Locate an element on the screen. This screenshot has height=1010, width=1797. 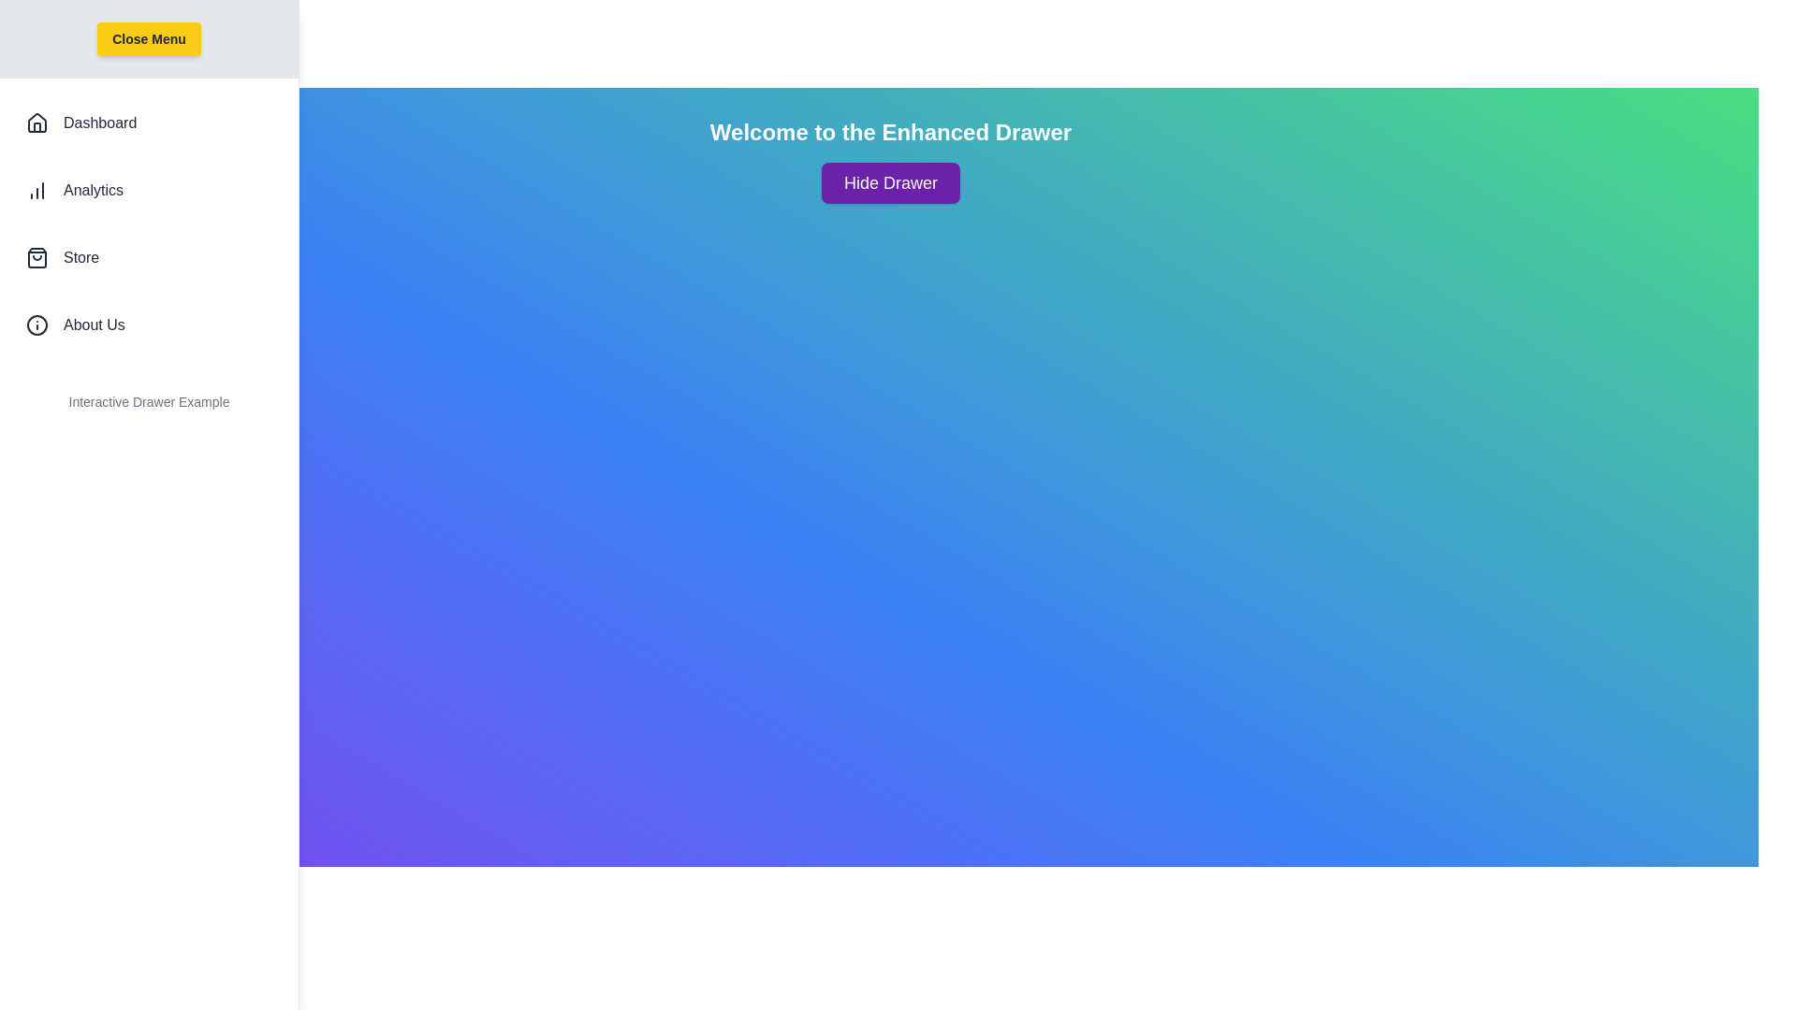
the 'Dashboard' list item to navigate is located at coordinates (148, 123).